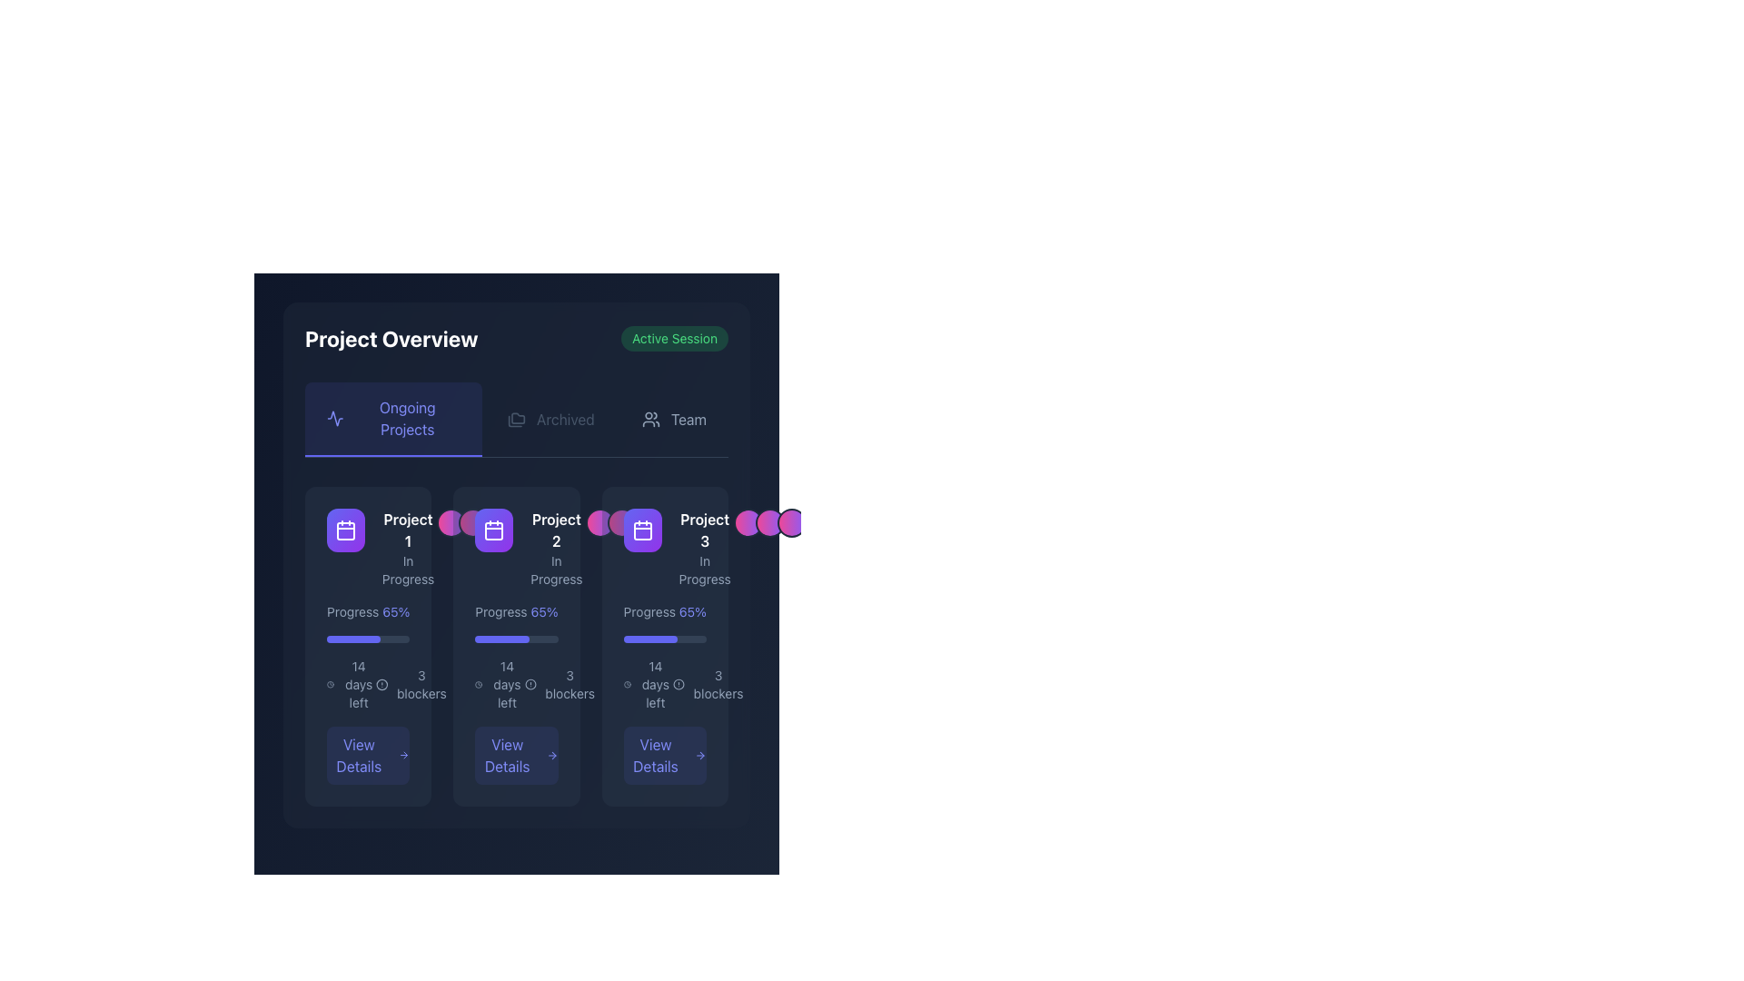  Describe the element at coordinates (507, 684) in the screenshot. I see `the text label displaying '14 days left', which is styled in light slate-gray color and is located within the 'Project 2' card, below the progress bar and to the left of '3 blockers'` at that location.